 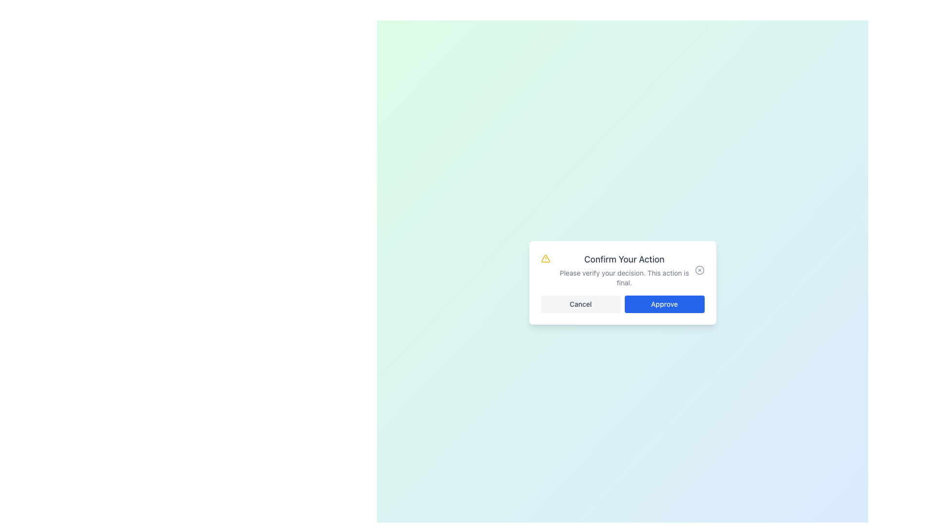 I want to click on text content of the confirmation prompt text block located in the center of the popup card, positioned above the 'Cancel' and 'Approve' buttons, so click(x=624, y=270).